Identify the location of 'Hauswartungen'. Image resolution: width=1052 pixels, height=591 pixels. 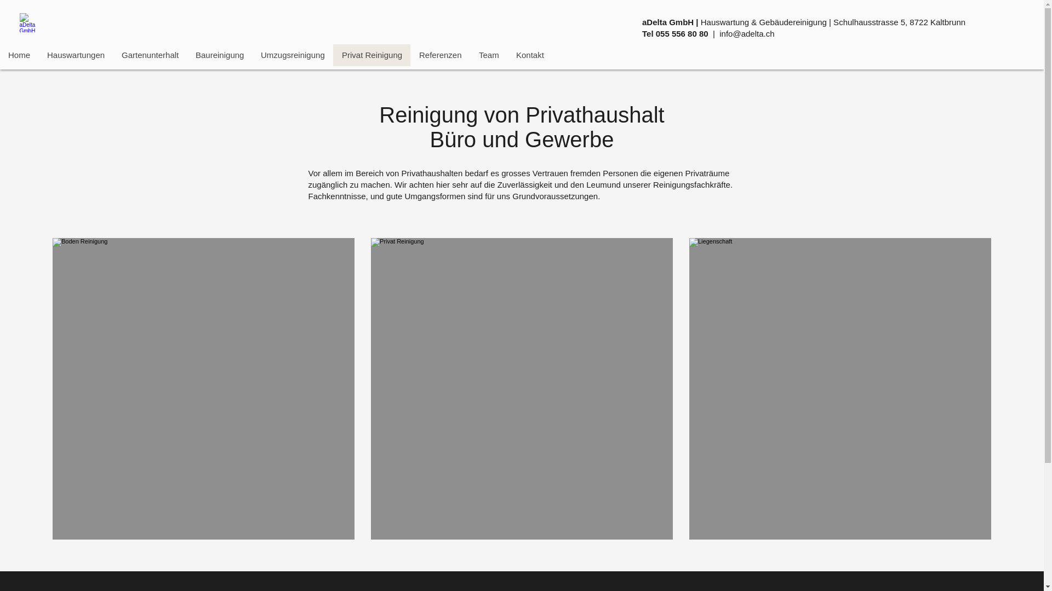
(75, 55).